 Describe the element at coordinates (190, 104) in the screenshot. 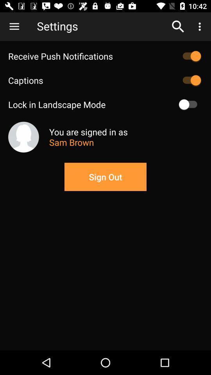

I see `option on` at that location.